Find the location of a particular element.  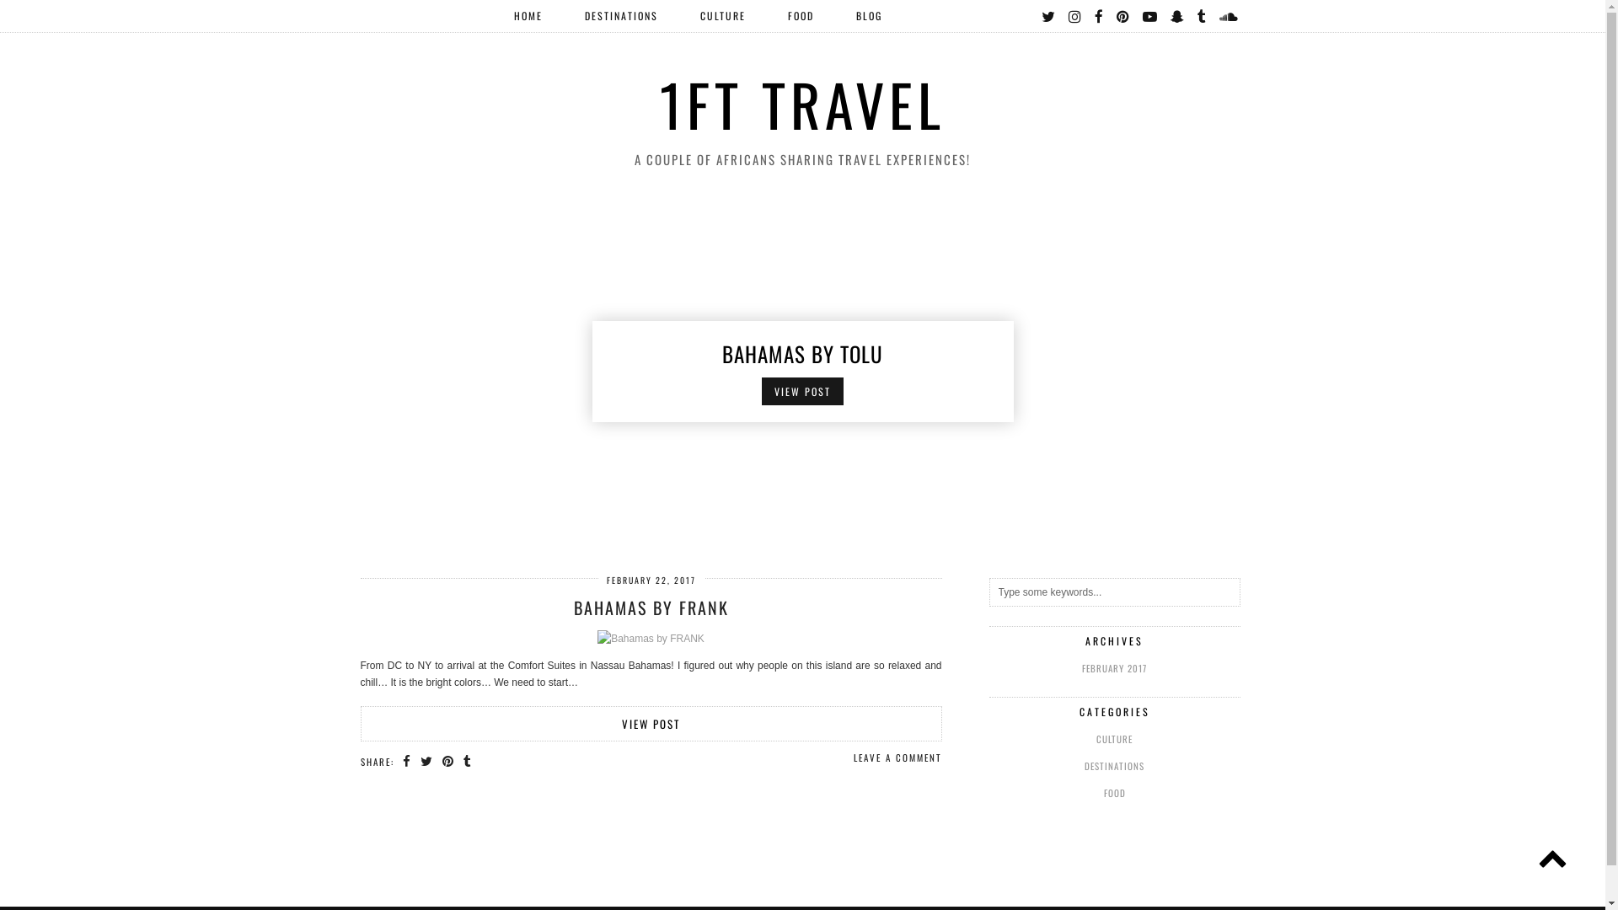

'HOME' is located at coordinates (526, 16).